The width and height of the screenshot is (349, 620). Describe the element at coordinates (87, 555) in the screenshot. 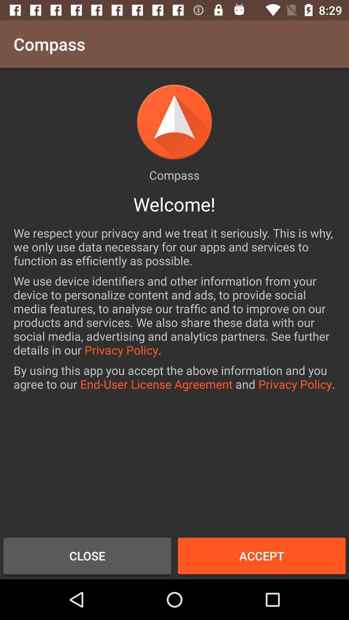

I see `item at the bottom left corner` at that location.